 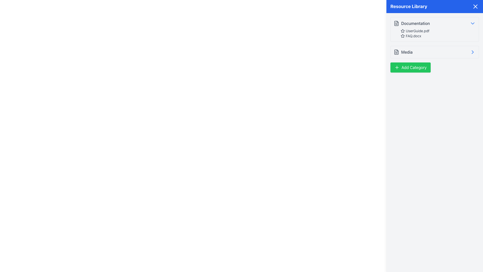 What do you see at coordinates (407, 52) in the screenshot?
I see `the Text Label indicating the 'Media' section in the sidebar labeled 'Resource Library', which is positioned next to the 'Documentation' entry and a document icon` at bounding box center [407, 52].